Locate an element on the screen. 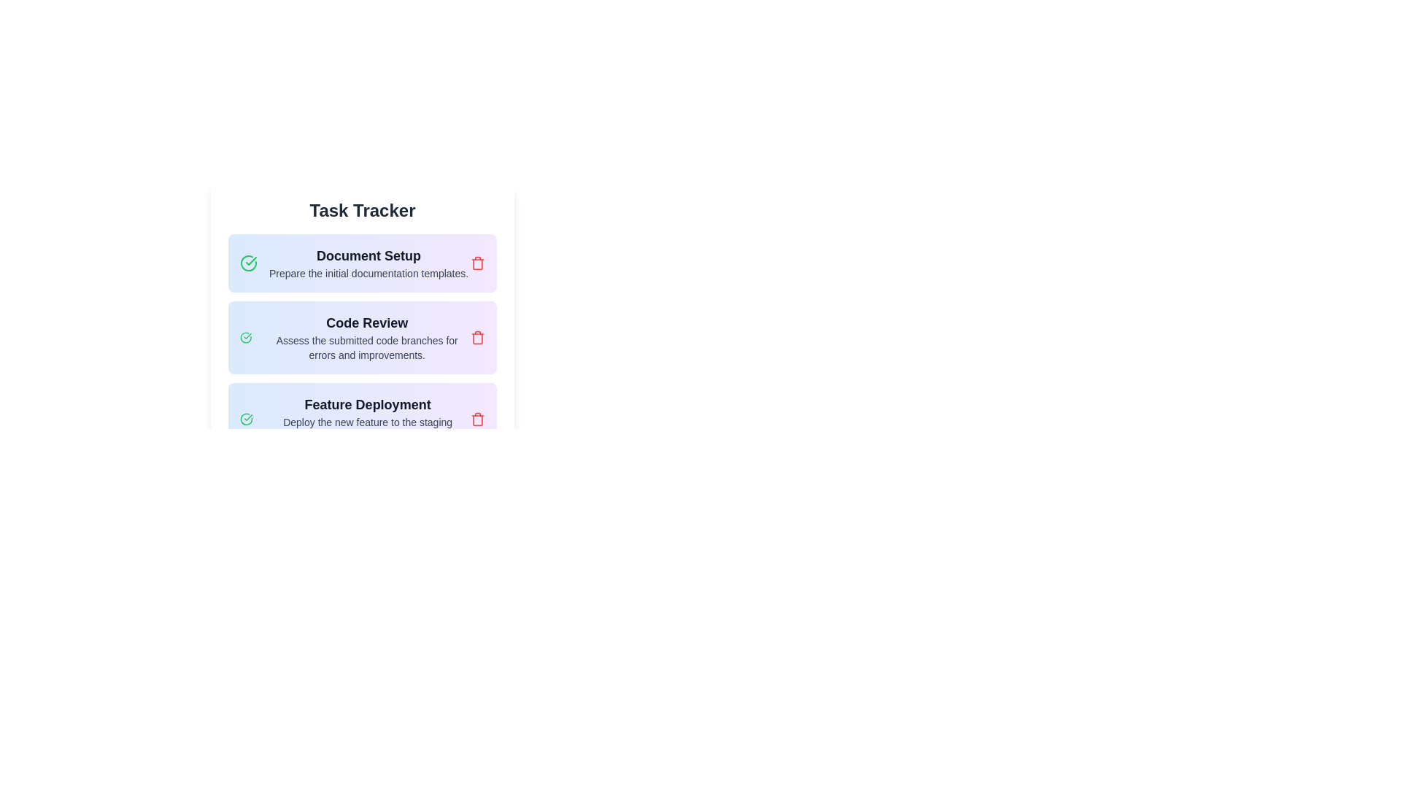  the green checkmark icon in the task entry component to mark the task related to deploying a feature as complete is located at coordinates (363, 419).